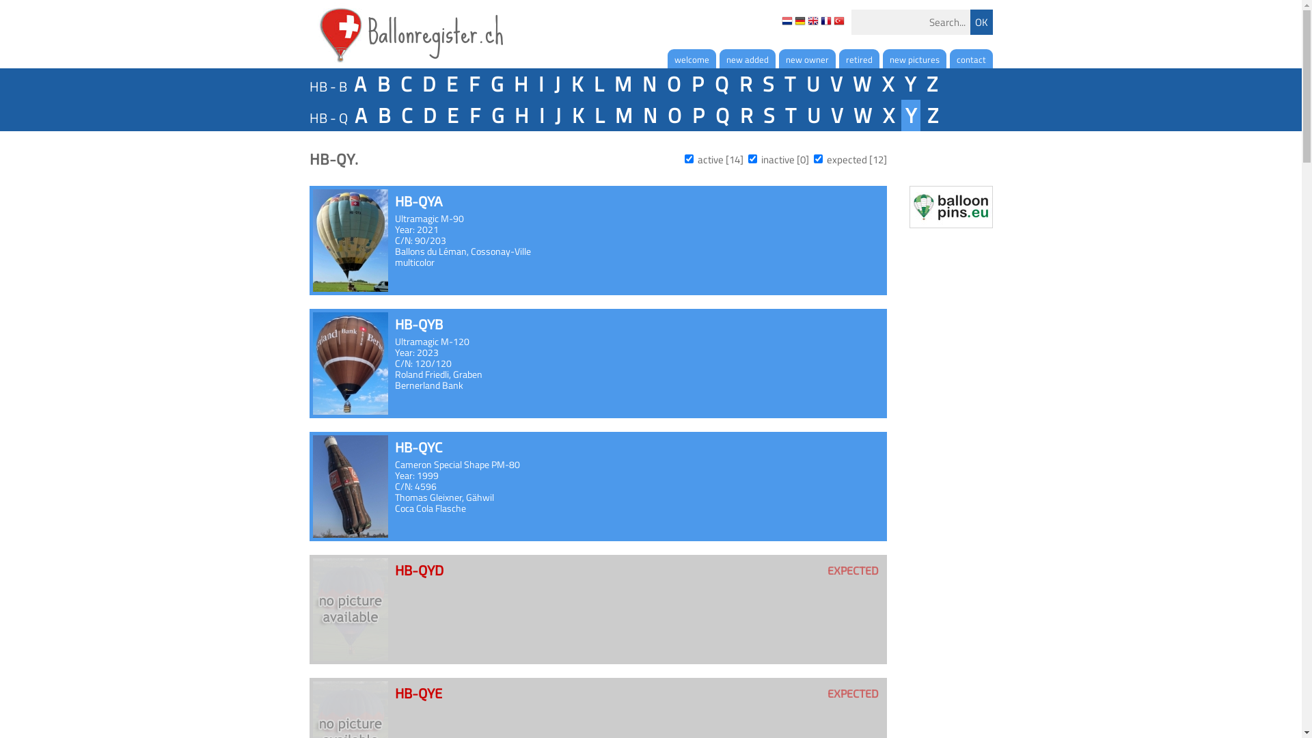 This screenshot has width=1312, height=738. Describe the element at coordinates (807, 57) in the screenshot. I see `'new owner'` at that location.